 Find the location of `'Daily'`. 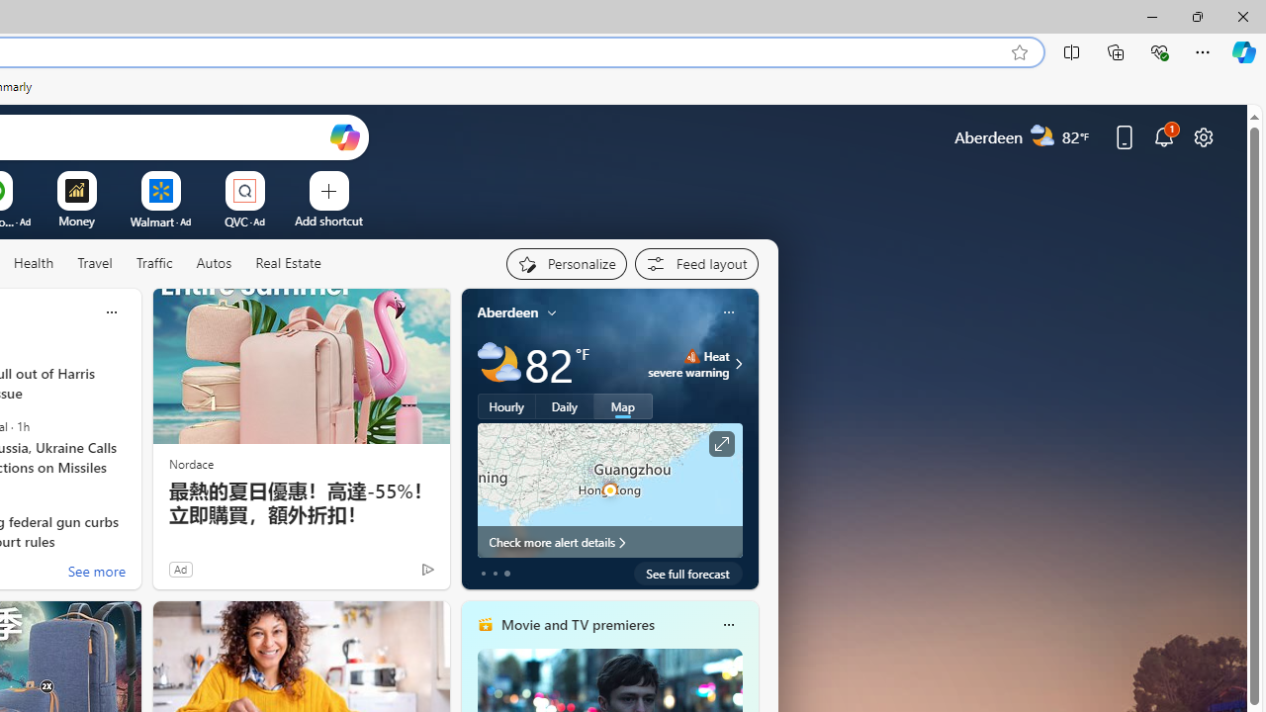

'Daily' is located at coordinates (564, 405).